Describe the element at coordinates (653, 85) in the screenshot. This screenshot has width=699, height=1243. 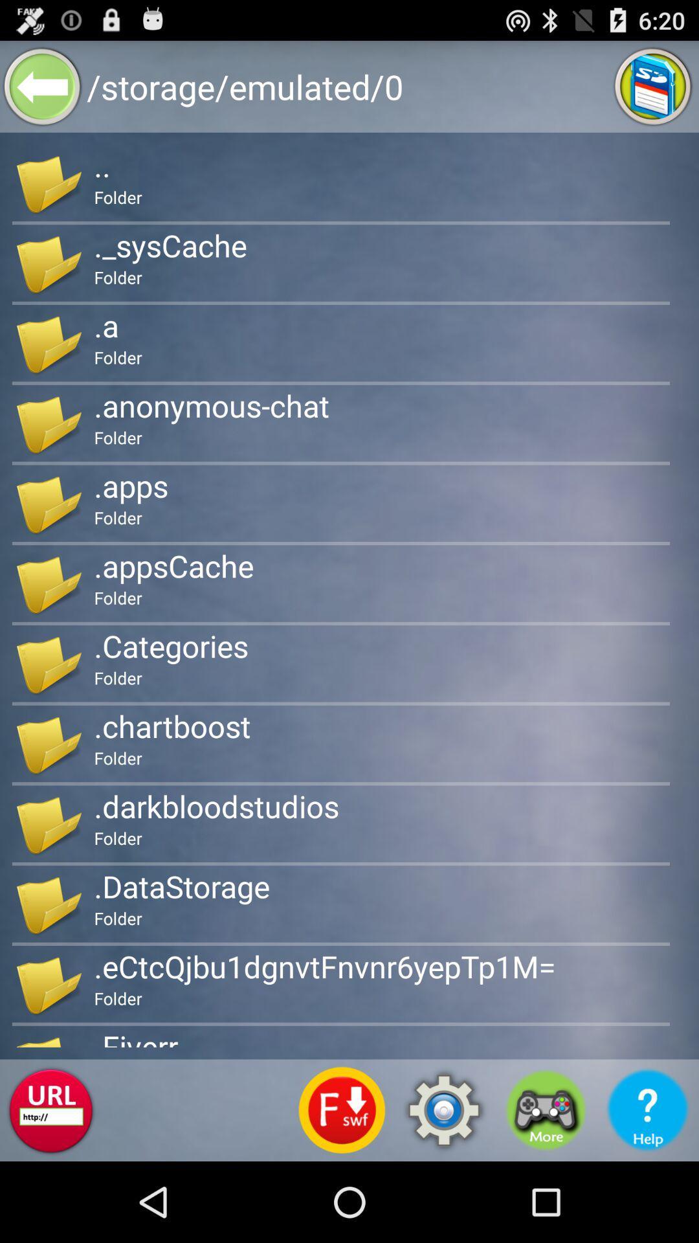
I see `access memory` at that location.